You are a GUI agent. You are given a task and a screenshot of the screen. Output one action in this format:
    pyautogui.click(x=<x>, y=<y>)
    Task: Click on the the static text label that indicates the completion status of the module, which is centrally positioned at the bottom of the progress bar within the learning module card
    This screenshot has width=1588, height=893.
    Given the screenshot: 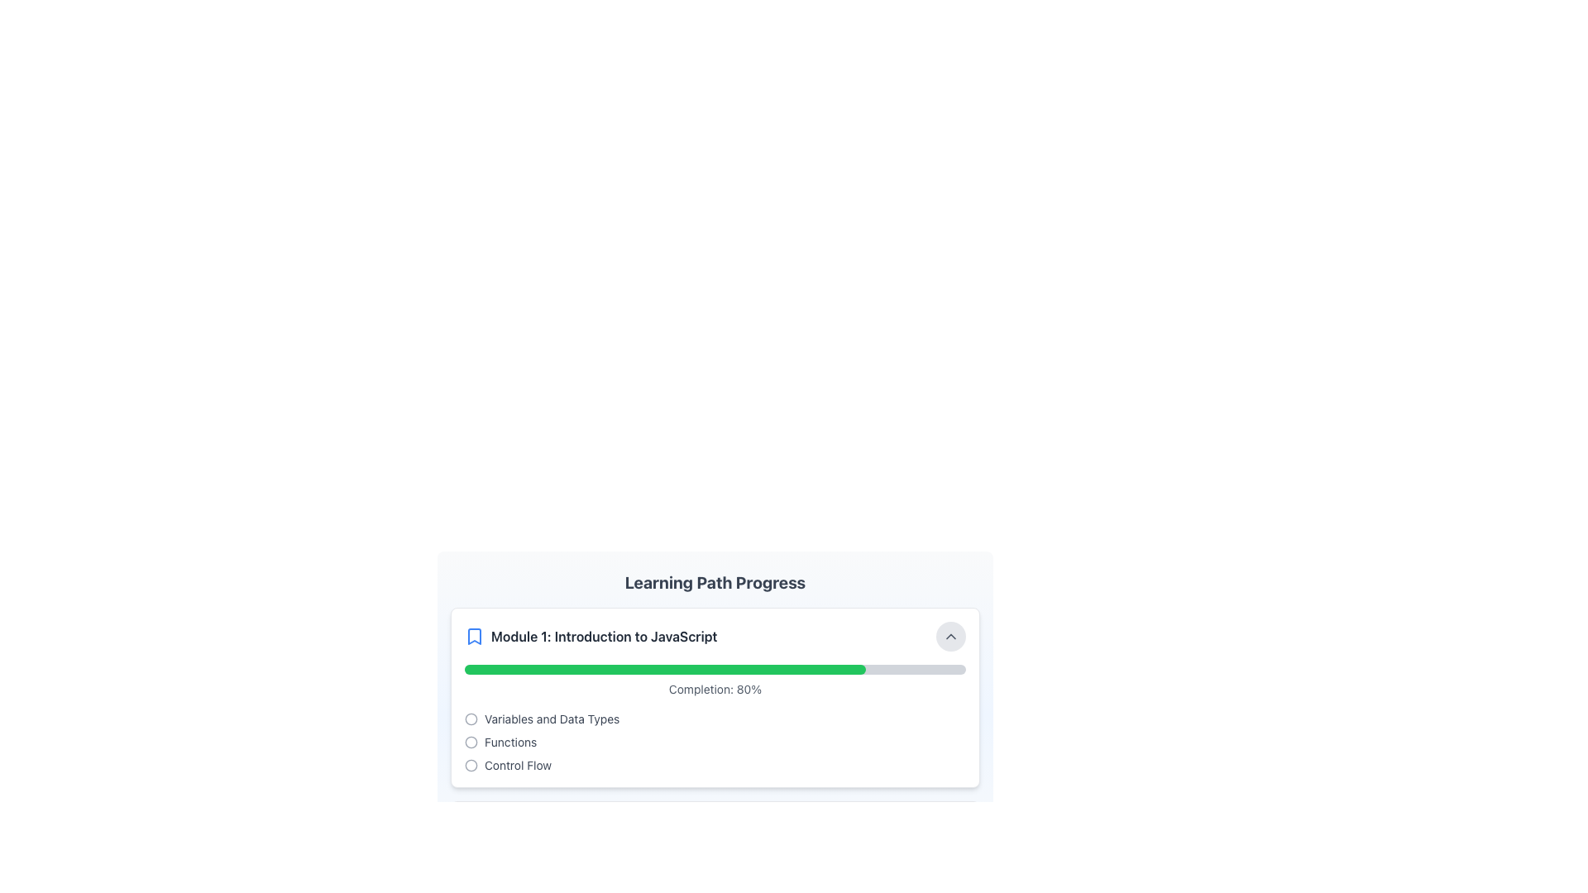 What is the action you would take?
    pyautogui.click(x=715, y=689)
    